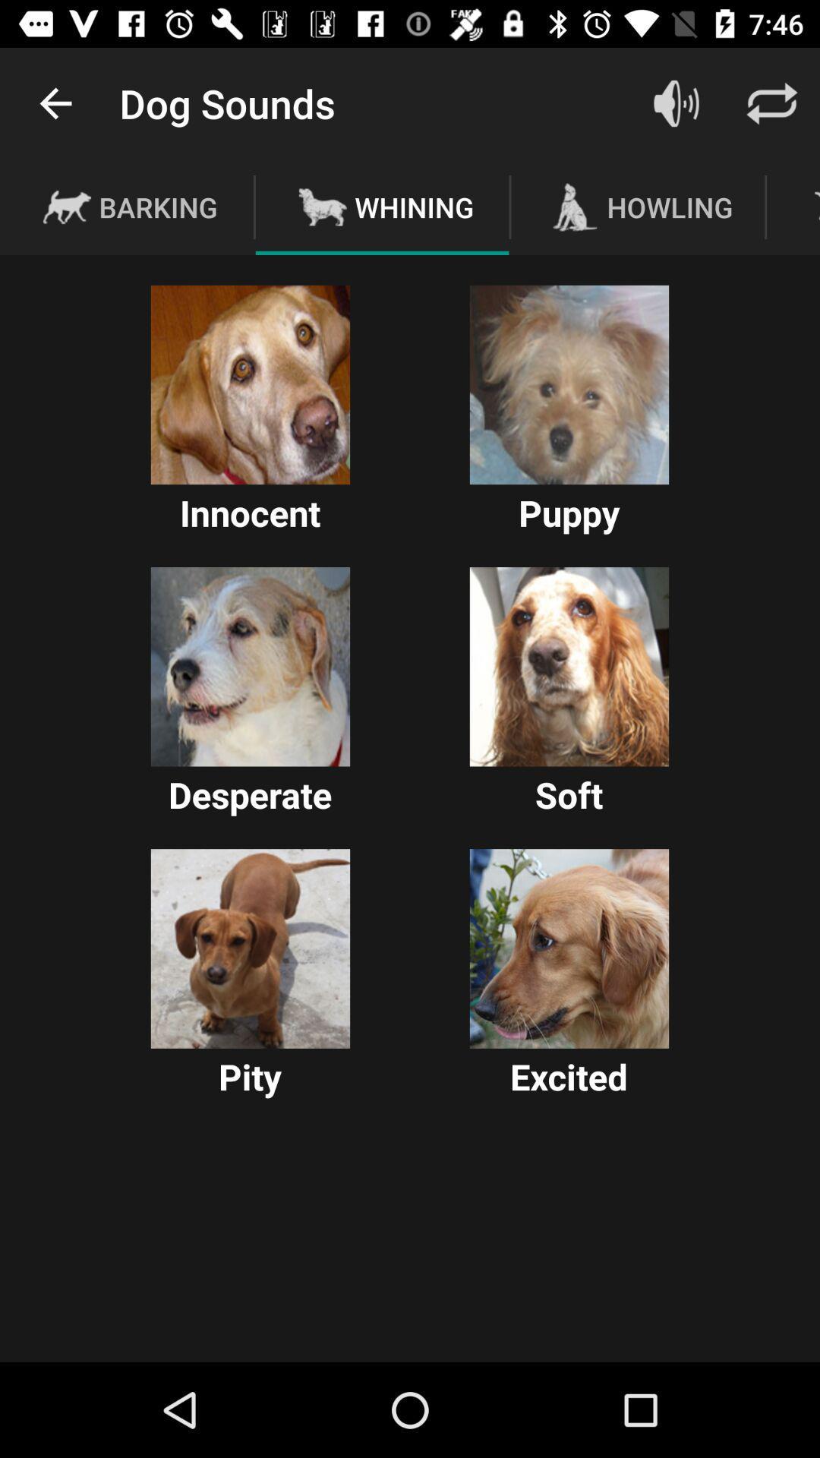  What do you see at coordinates (569, 667) in the screenshot?
I see `hear that sound` at bounding box center [569, 667].